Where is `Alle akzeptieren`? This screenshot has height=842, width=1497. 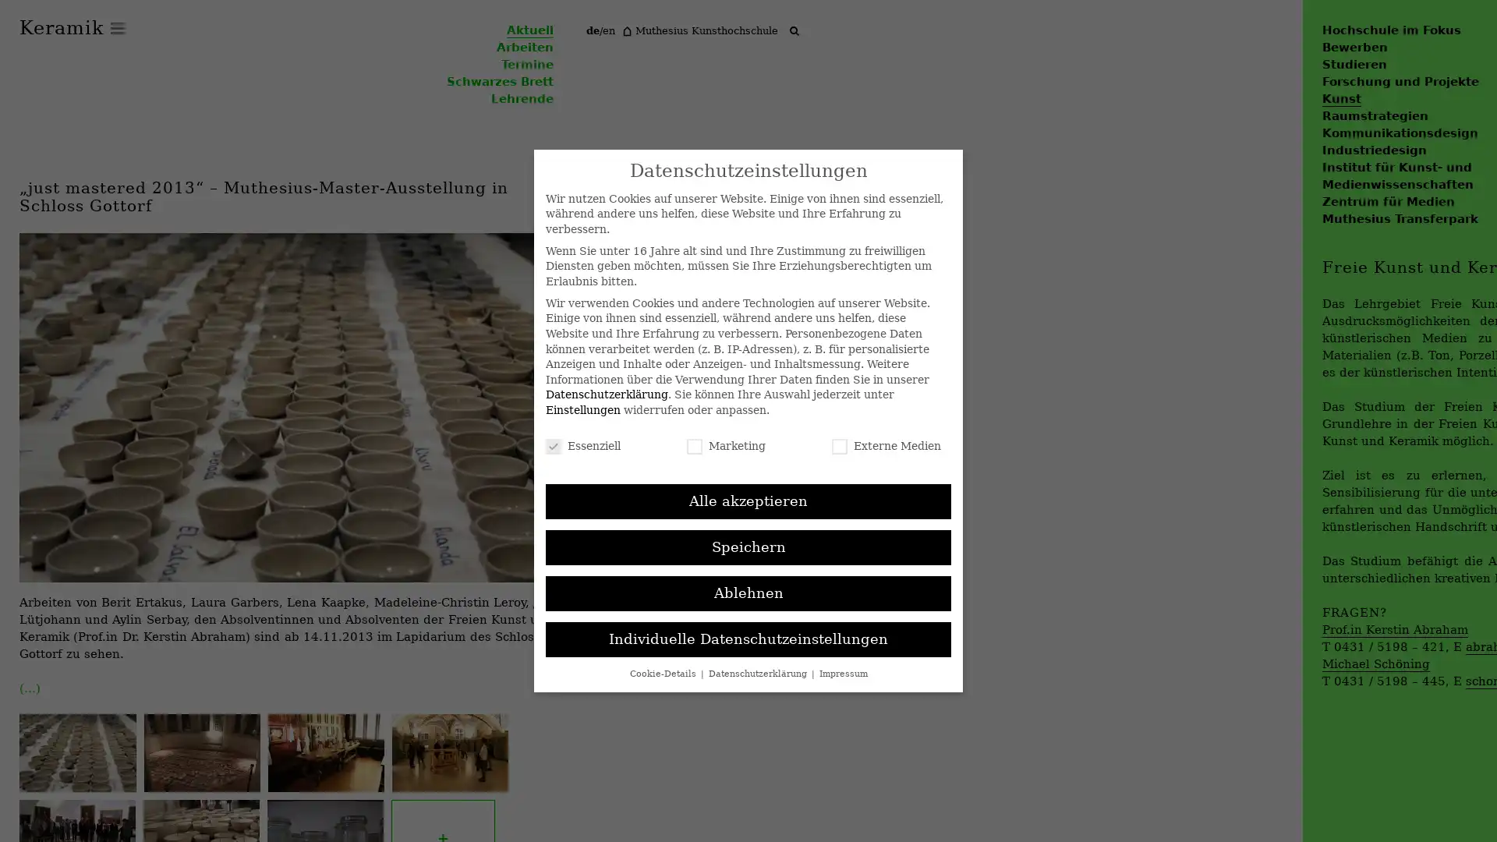 Alle akzeptieren is located at coordinates (748, 501).